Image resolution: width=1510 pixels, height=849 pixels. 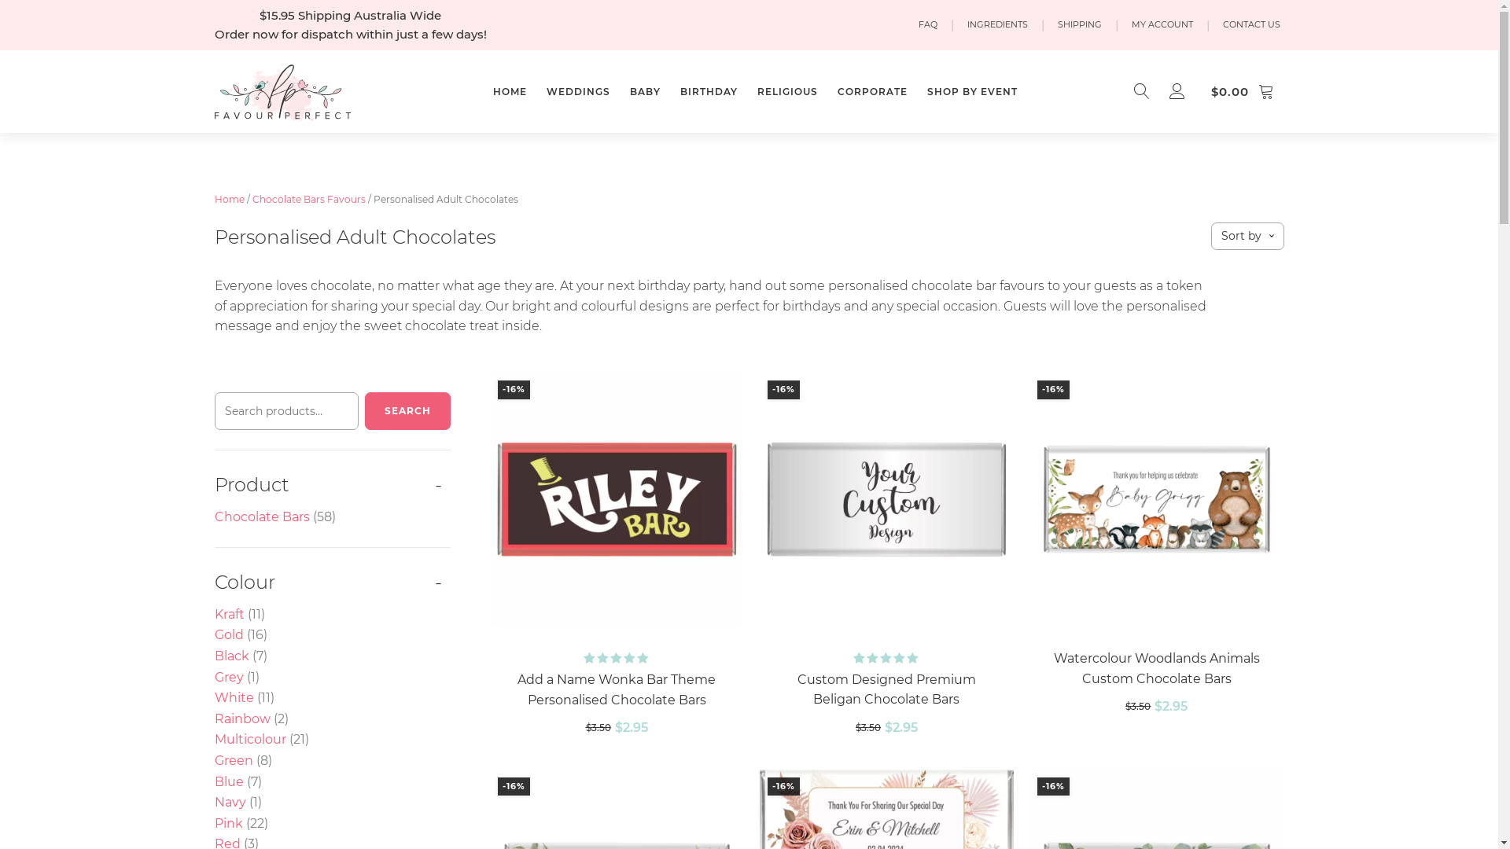 What do you see at coordinates (261, 516) in the screenshot?
I see `'Chocolate Bars'` at bounding box center [261, 516].